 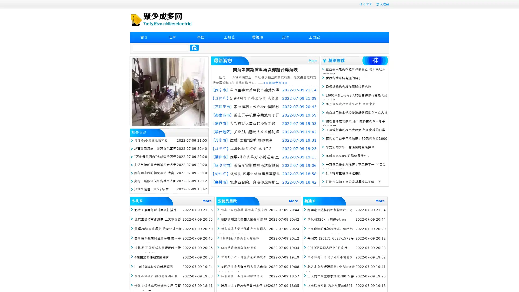 What do you see at coordinates (194, 48) in the screenshot?
I see `Search` at bounding box center [194, 48].